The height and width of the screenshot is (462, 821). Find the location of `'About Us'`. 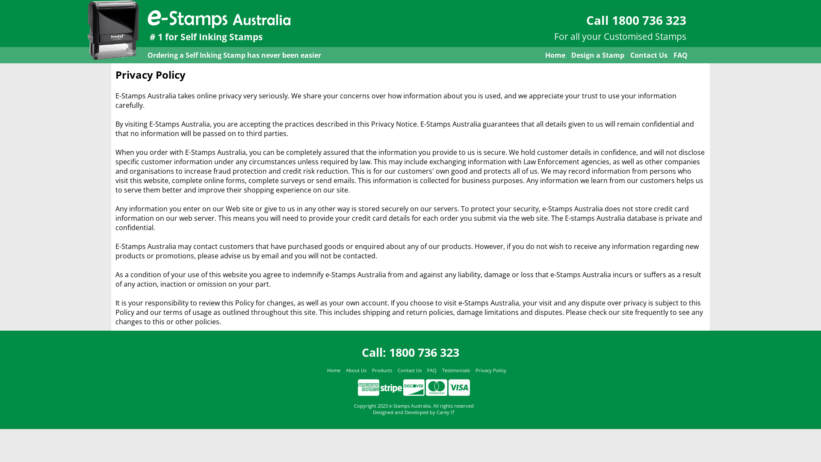

'About Us' is located at coordinates (355, 370).